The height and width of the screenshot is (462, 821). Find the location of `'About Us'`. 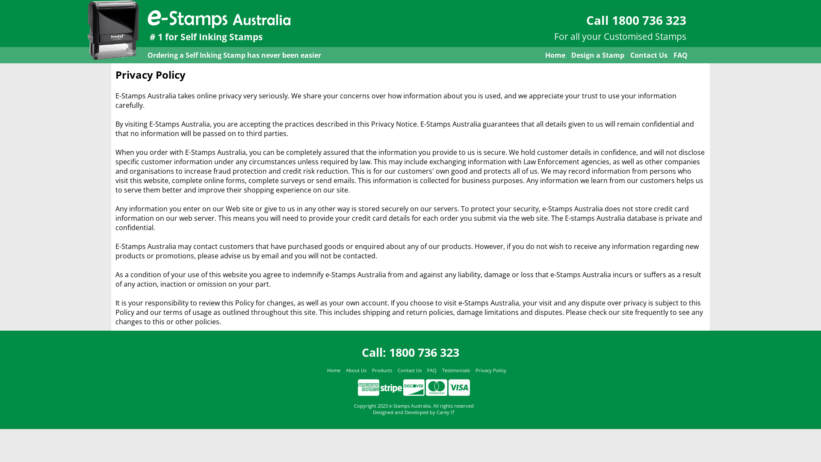

'About Us' is located at coordinates (355, 370).